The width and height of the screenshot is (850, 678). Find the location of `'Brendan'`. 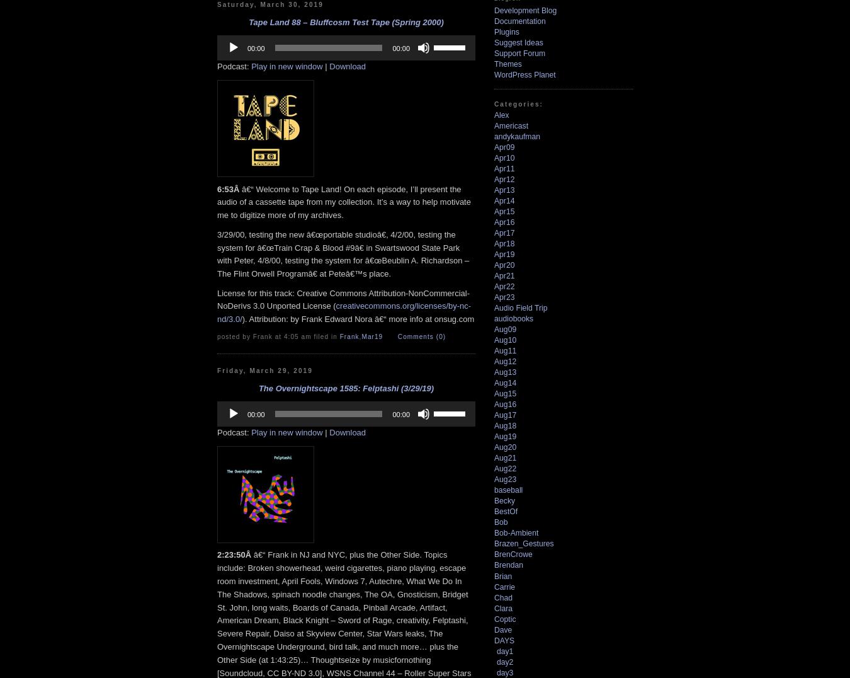

'Brendan' is located at coordinates (508, 565).